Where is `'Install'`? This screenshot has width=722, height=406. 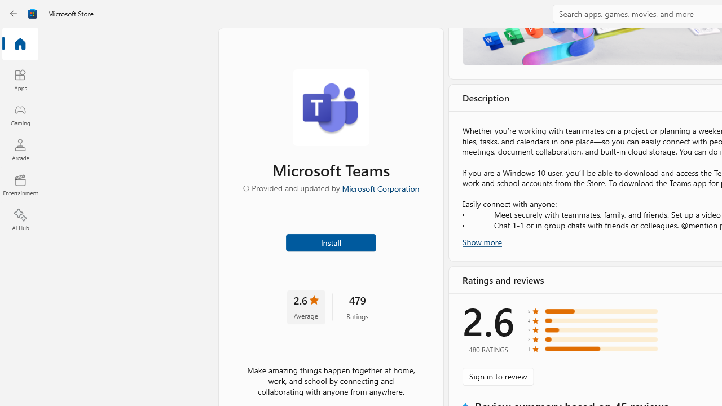 'Install' is located at coordinates (330, 241).